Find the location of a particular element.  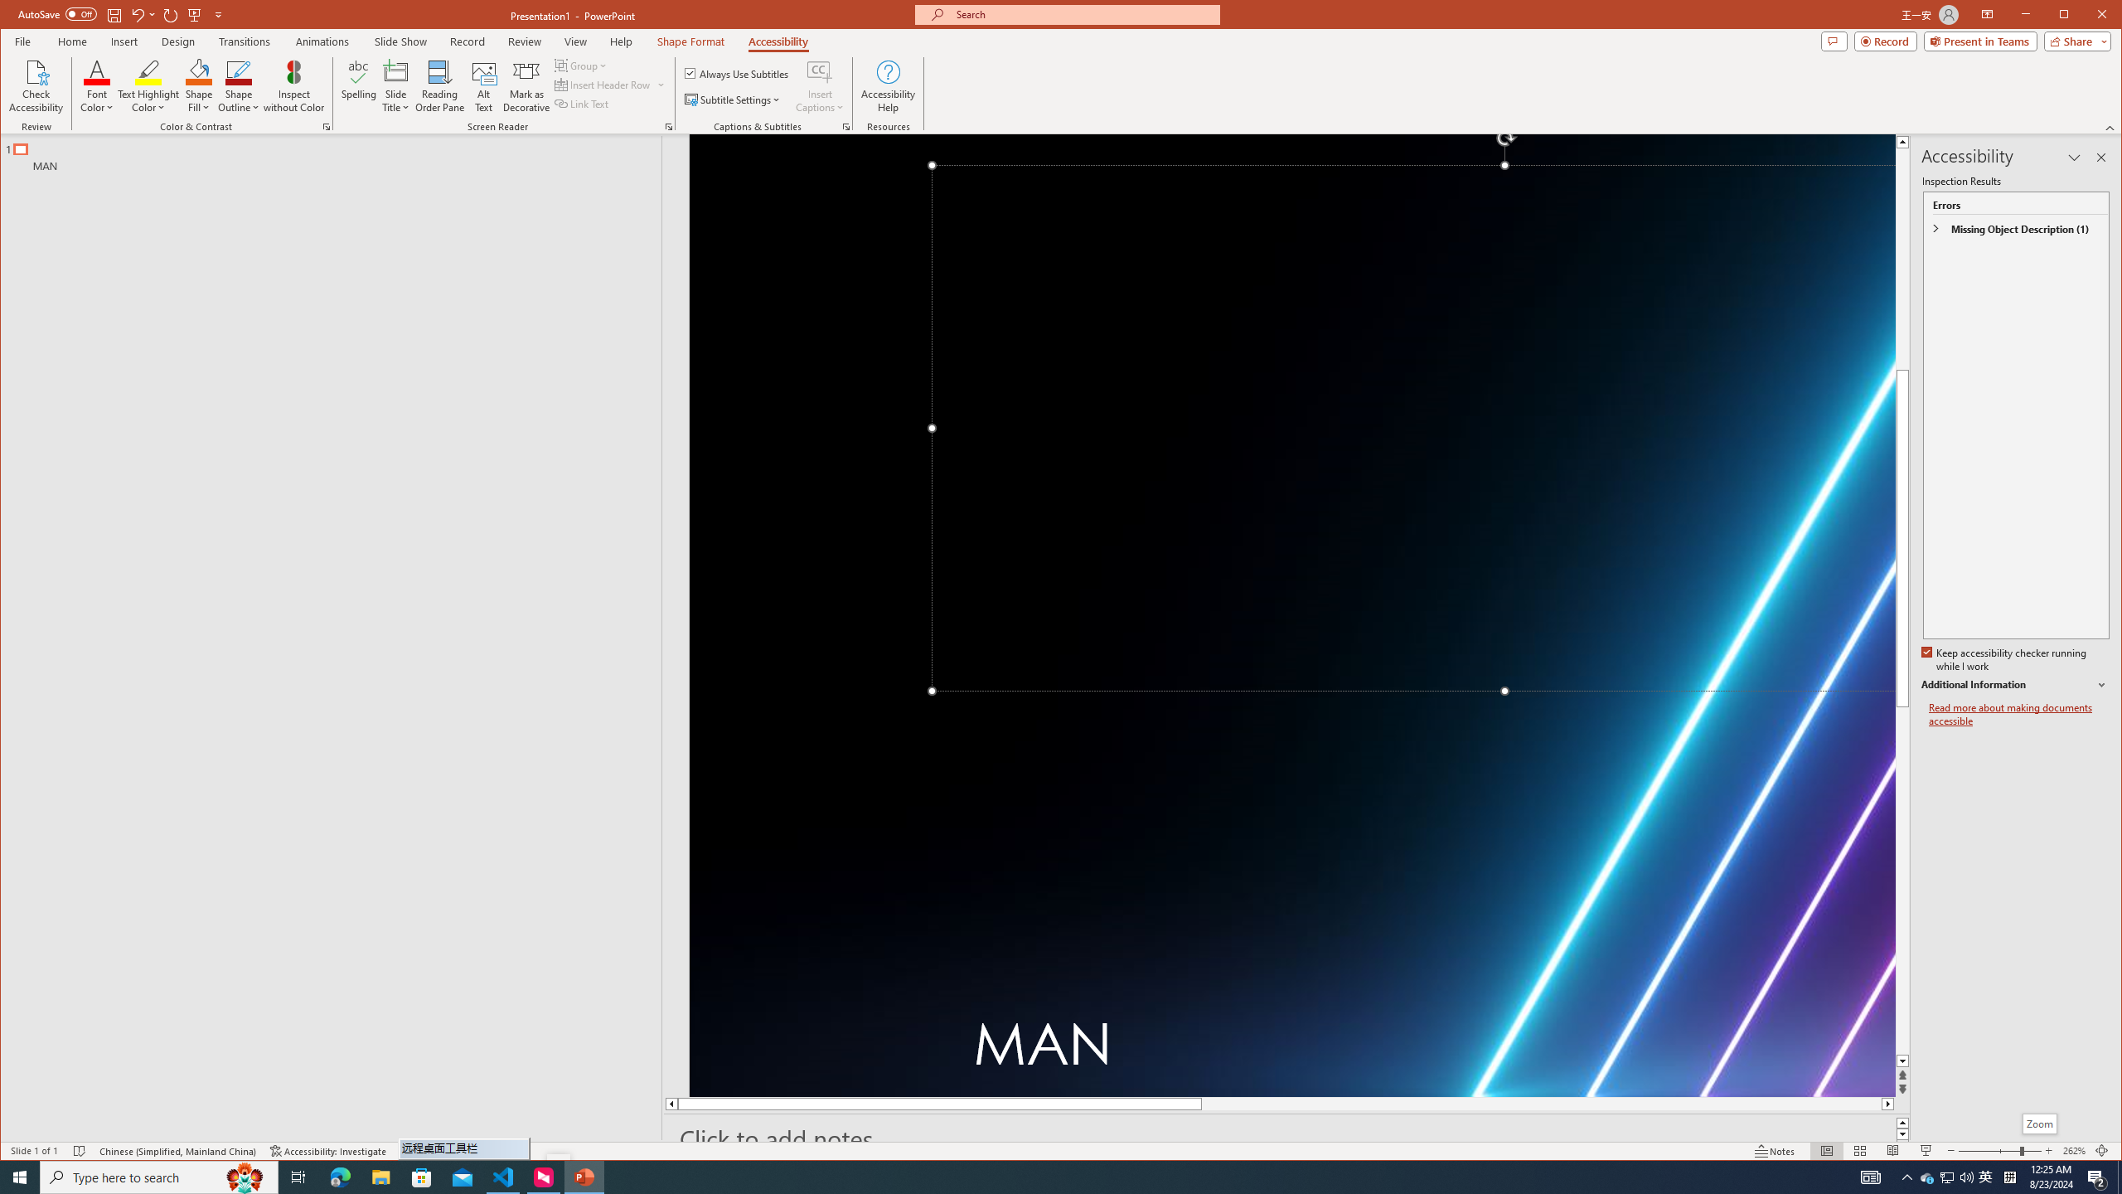

'Spelling...' is located at coordinates (358, 85).